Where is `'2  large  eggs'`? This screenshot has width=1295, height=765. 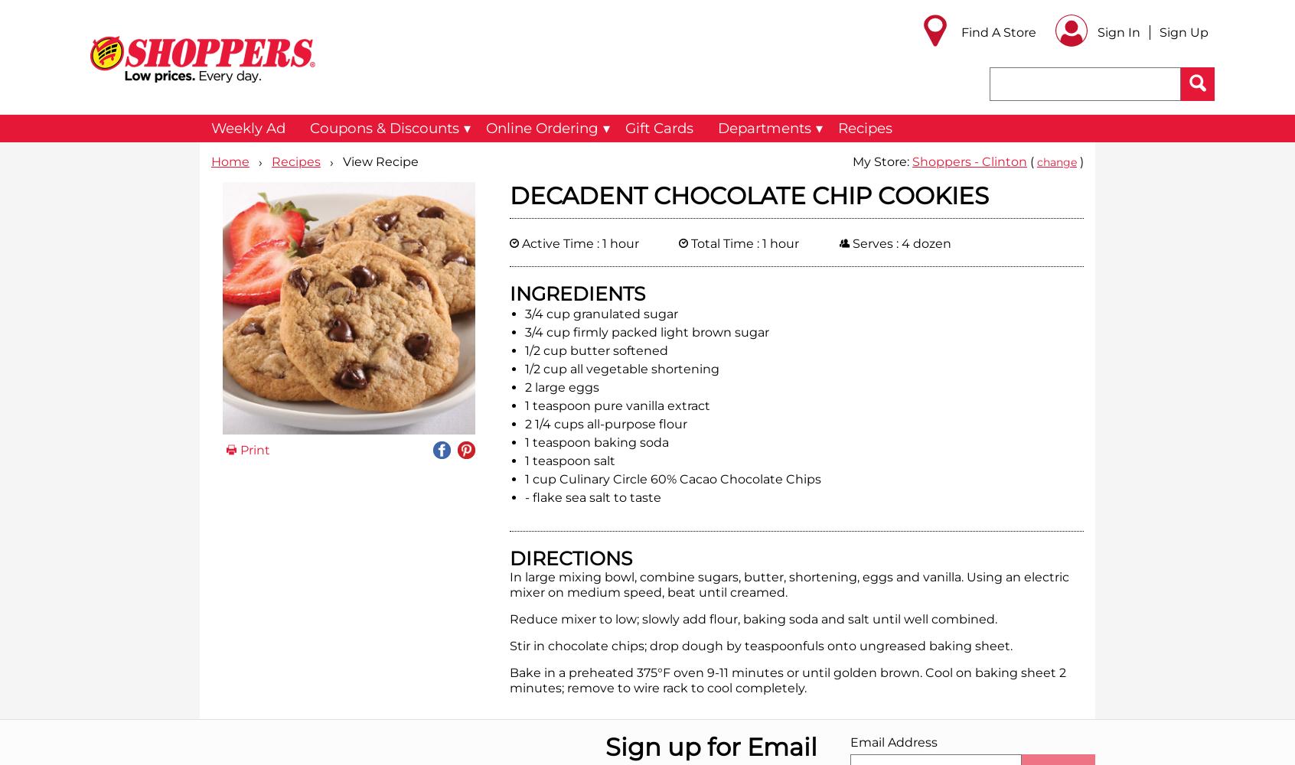 '2  large  eggs' is located at coordinates (560, 386).